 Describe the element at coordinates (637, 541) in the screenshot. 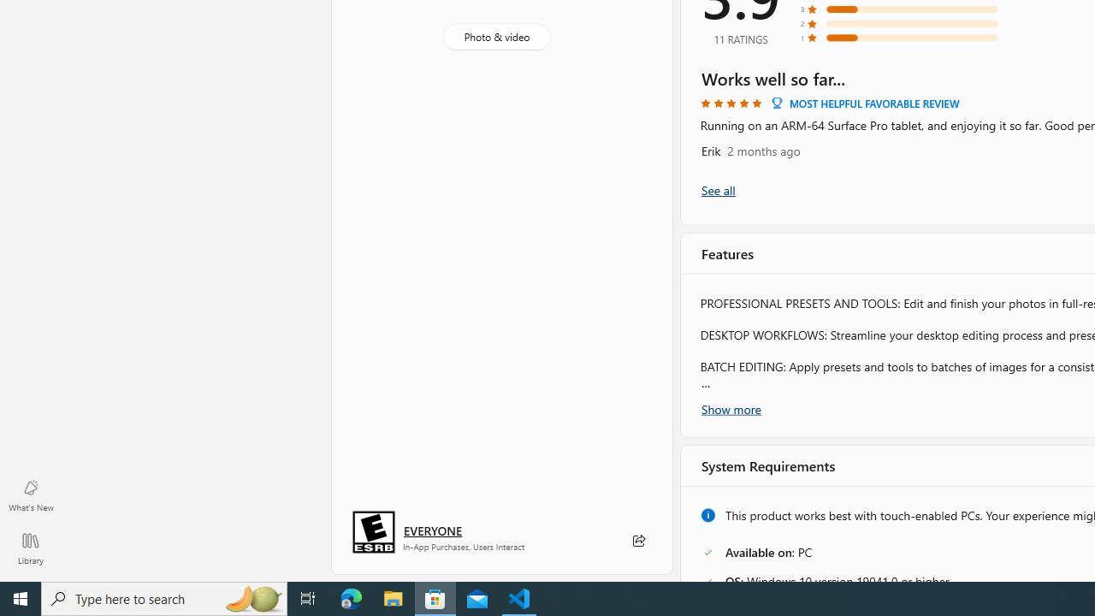

I see `'Share'` at that location.